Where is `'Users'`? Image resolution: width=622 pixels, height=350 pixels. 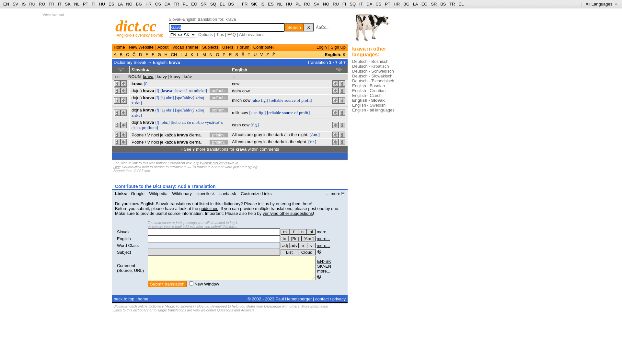 'Users' is located at coordinates (227, 47).